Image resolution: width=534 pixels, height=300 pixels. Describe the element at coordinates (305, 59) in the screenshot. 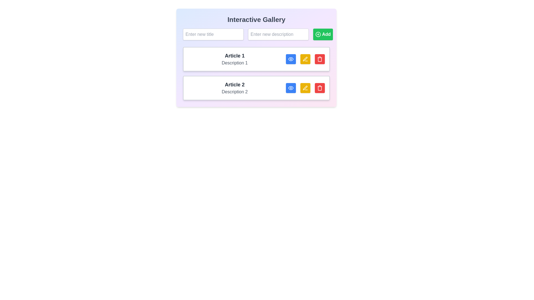

I see `the stylized yellow pen icon located within the yellow button adjacent to the text 'Article 1' in the first row of the article list` at that location.